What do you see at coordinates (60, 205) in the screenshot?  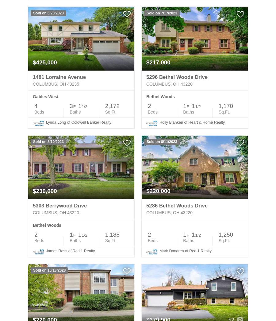 I see `'5303 Berrywood Drive'` at bounding box center [60, 205].